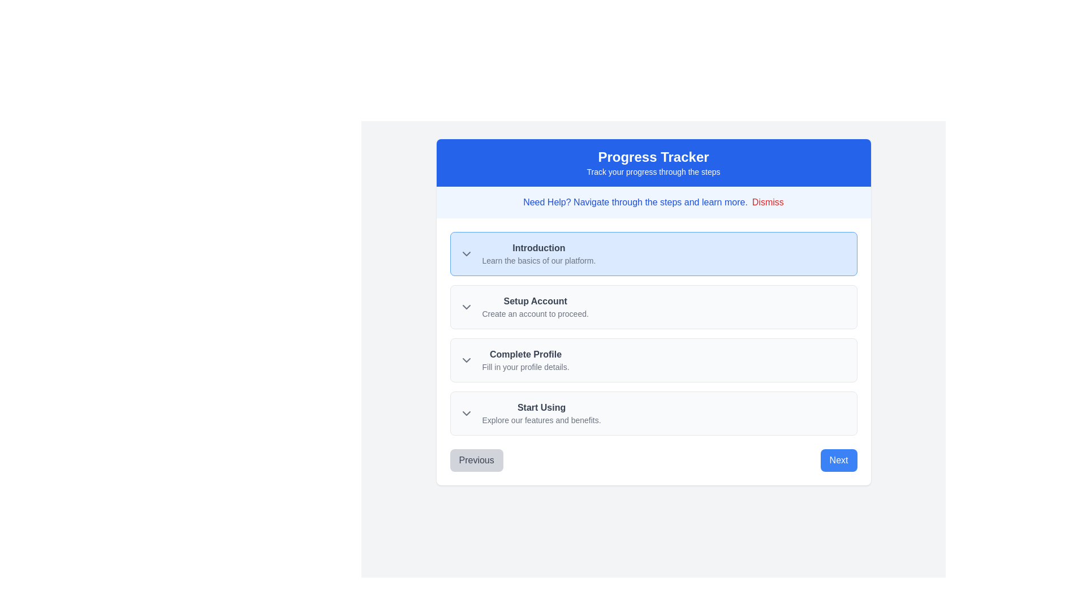  I want to click on the dismiss button located in the upper-right corner of the alert box containing the text 'Need Help? Navigate through the steps and learn more.', so click(768, 202).